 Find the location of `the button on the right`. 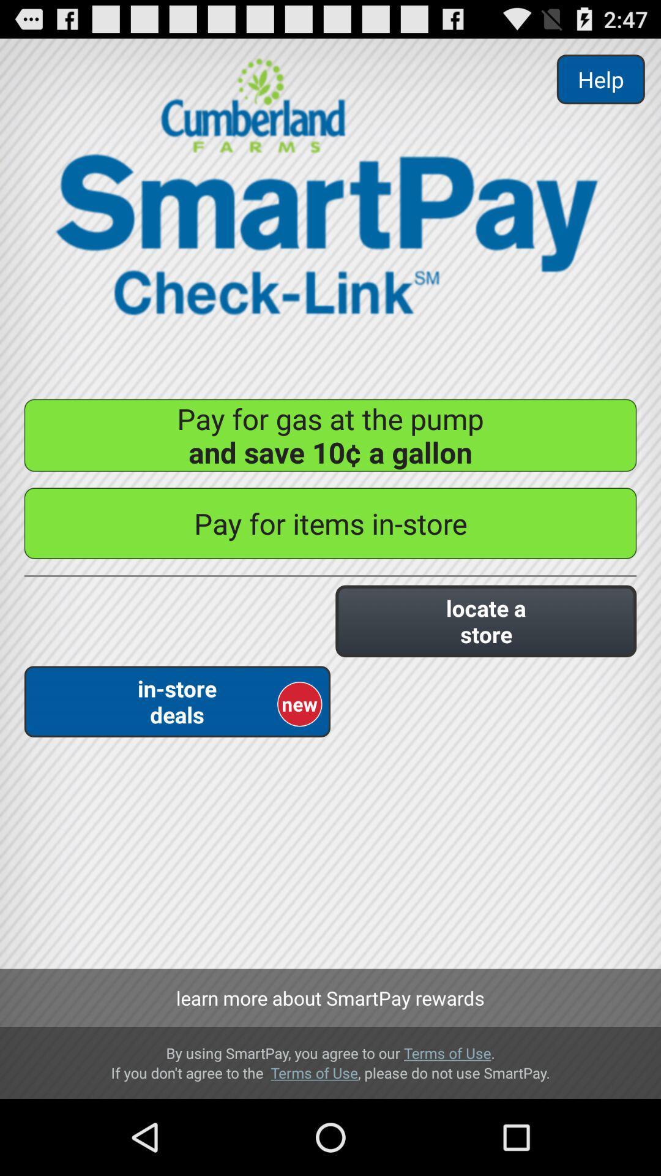

the button on the right is located at coordinates (485, 621).